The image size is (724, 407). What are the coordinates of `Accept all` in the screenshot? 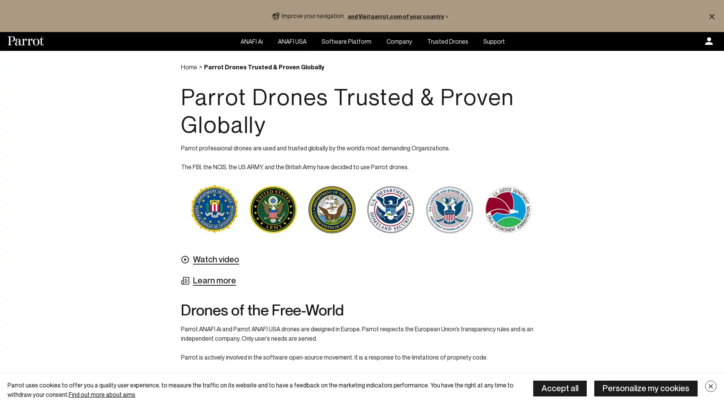 It's located at (560, 388).